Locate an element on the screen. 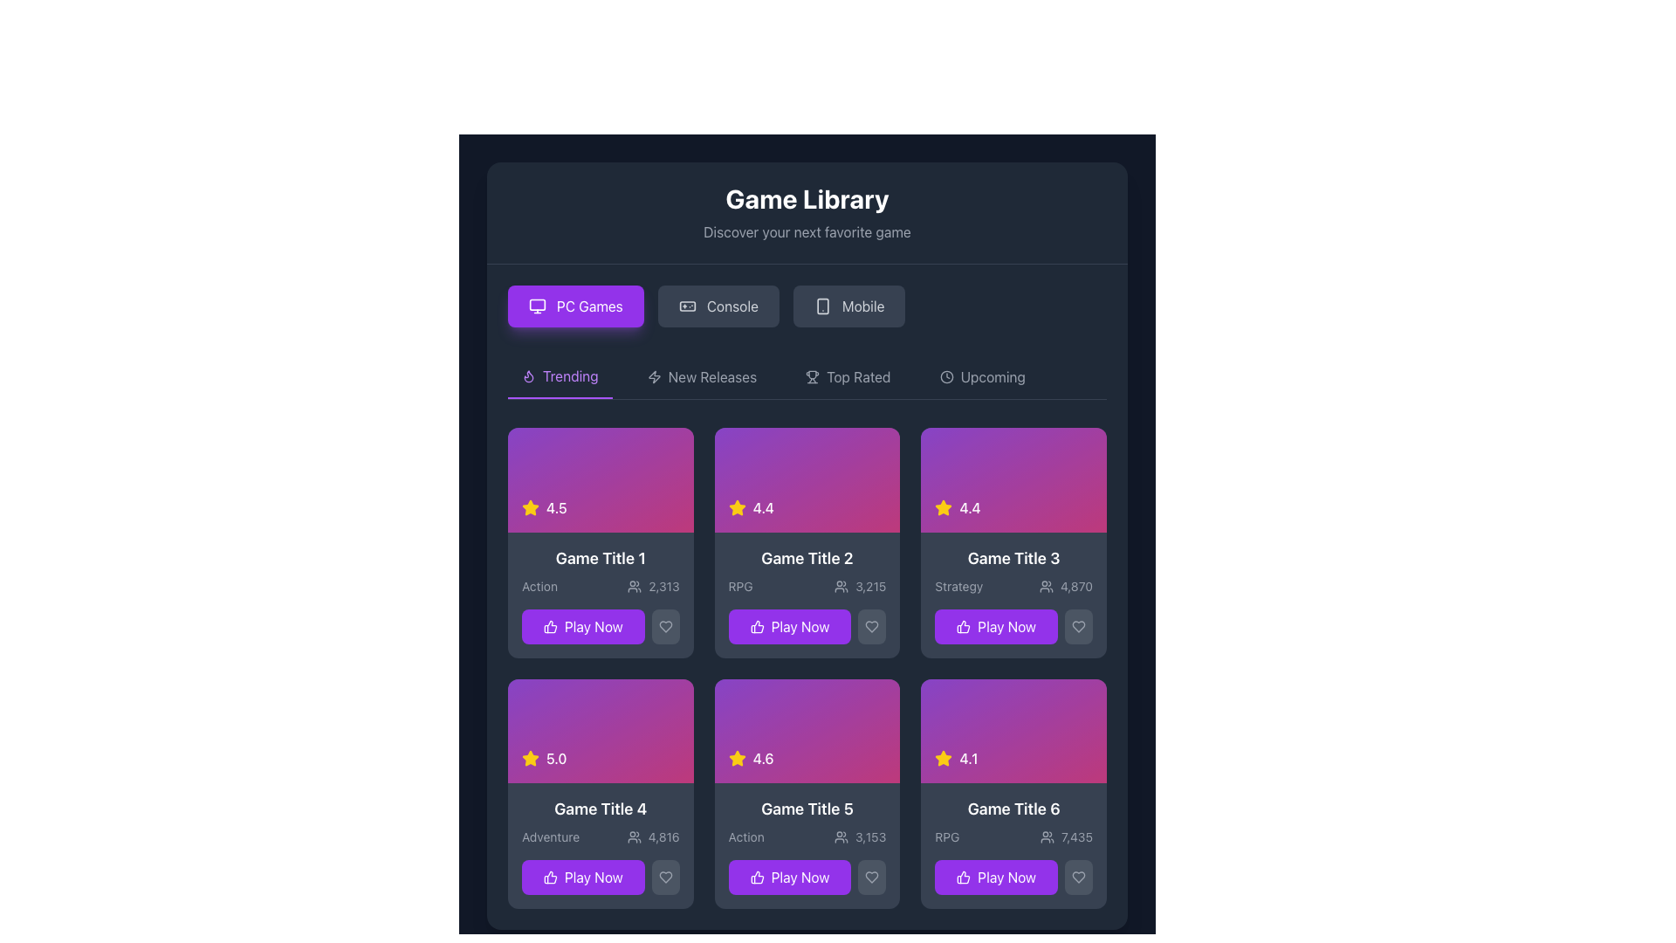 This screenshot has height=943, width=1676. the rating icon positioned next to the text '4.4' in the second card from the left in the top row of the game library grid is located at coordinates (737, 507).